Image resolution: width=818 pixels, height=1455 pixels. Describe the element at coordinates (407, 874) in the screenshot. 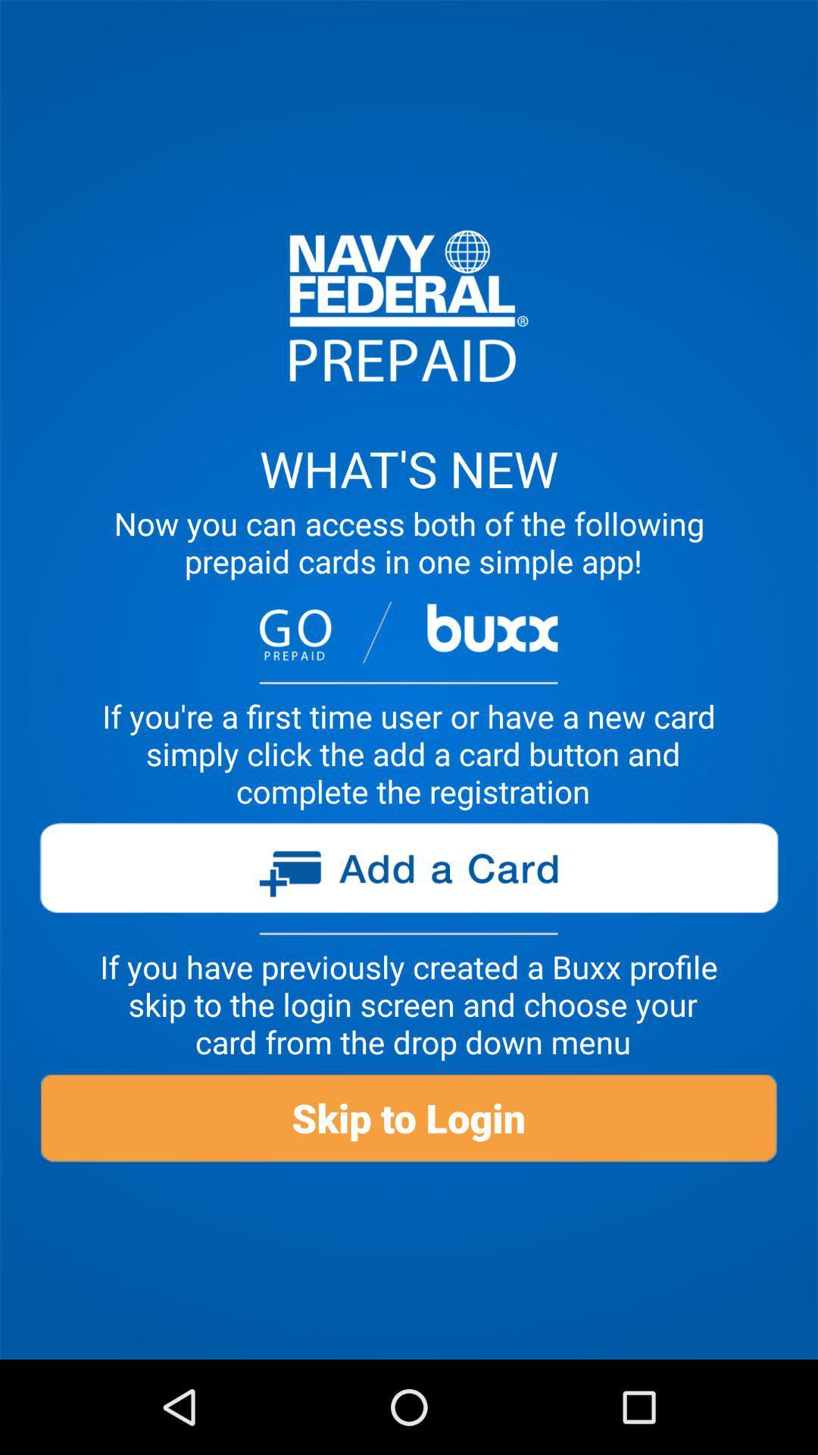

I see `payment information` at that location.